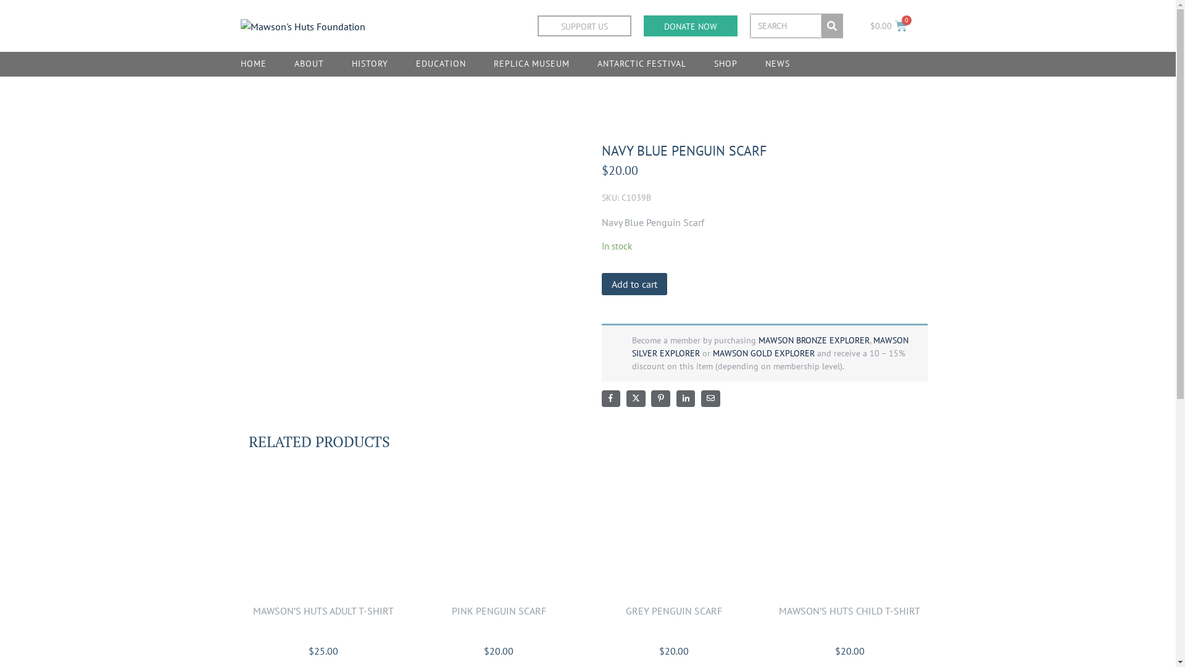  I want to click on 'NEWS', so click(776, 64).